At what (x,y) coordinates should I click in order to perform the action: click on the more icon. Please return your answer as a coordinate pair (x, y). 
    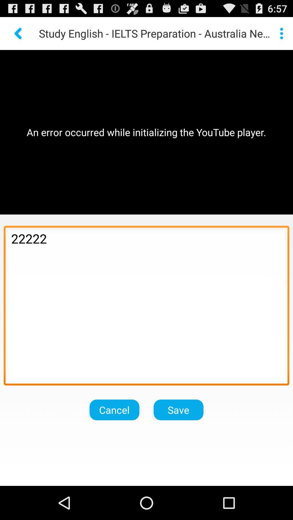
    Looking at the image, I should click on (281, 35).